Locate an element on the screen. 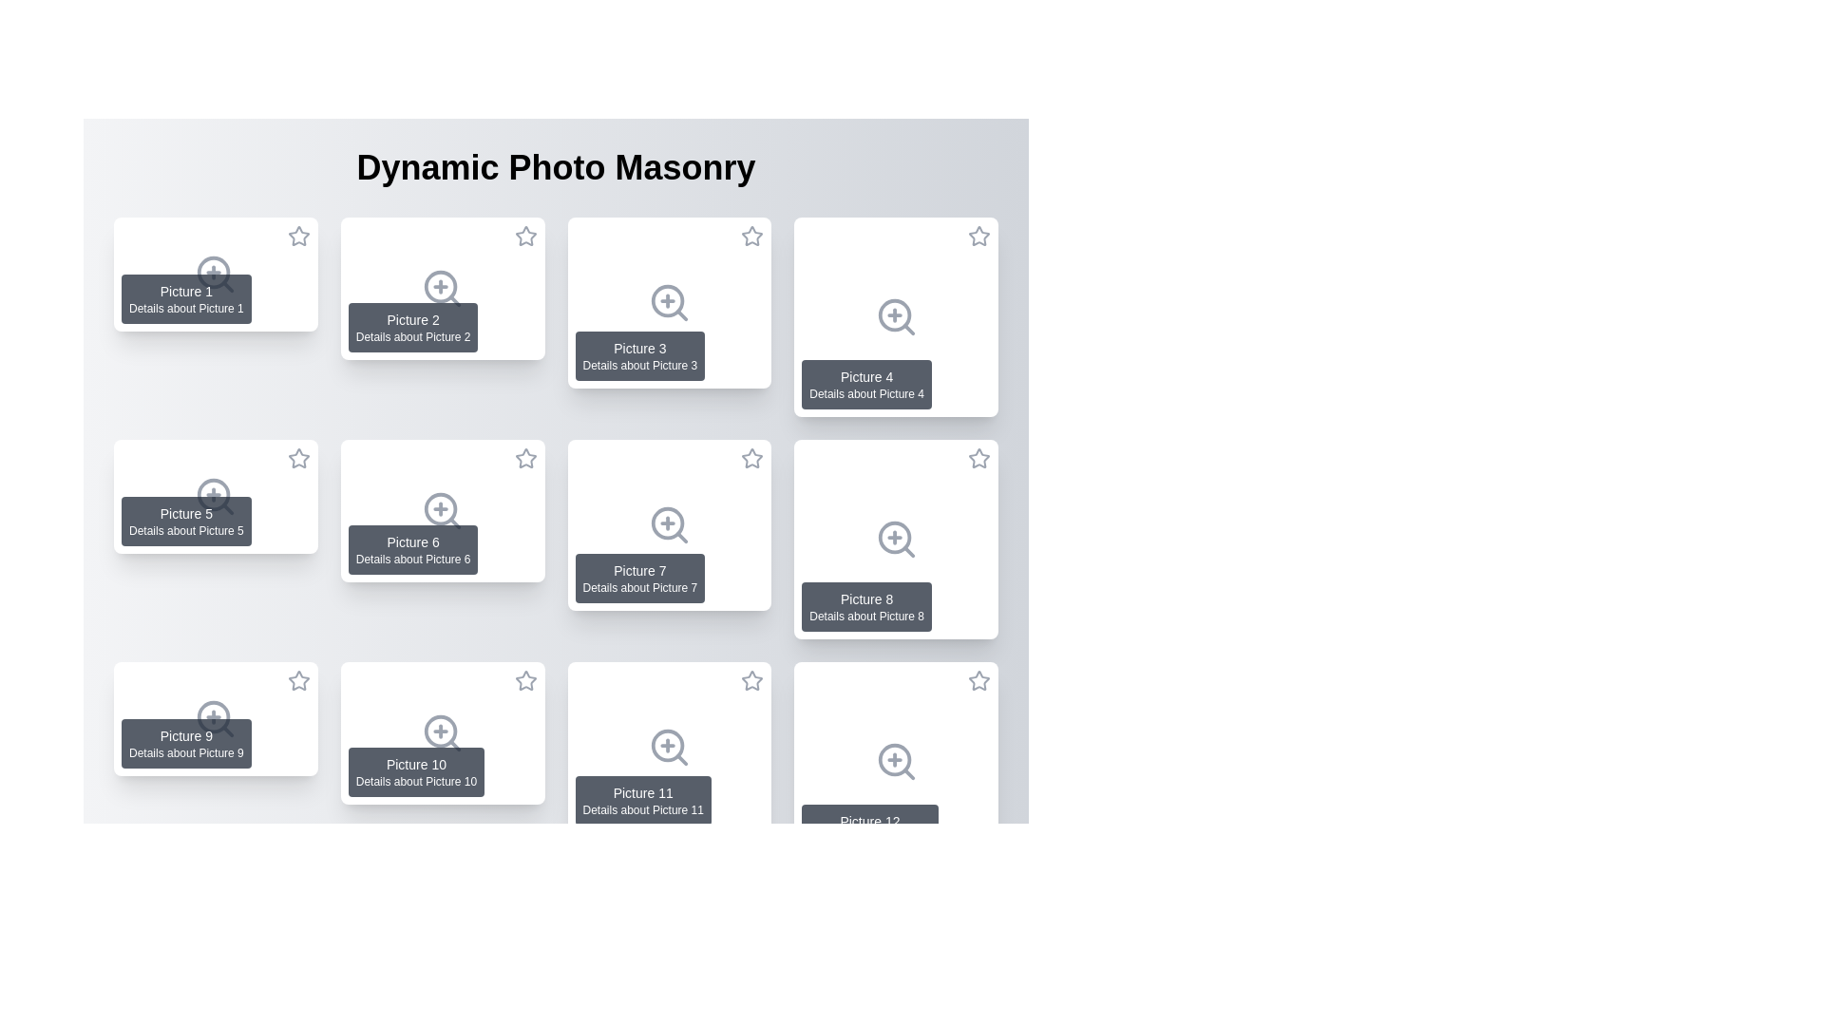  the card containing an image preview and interactive icons, which is the twelfth card in the grid layout is located at coordinates (895, 761).